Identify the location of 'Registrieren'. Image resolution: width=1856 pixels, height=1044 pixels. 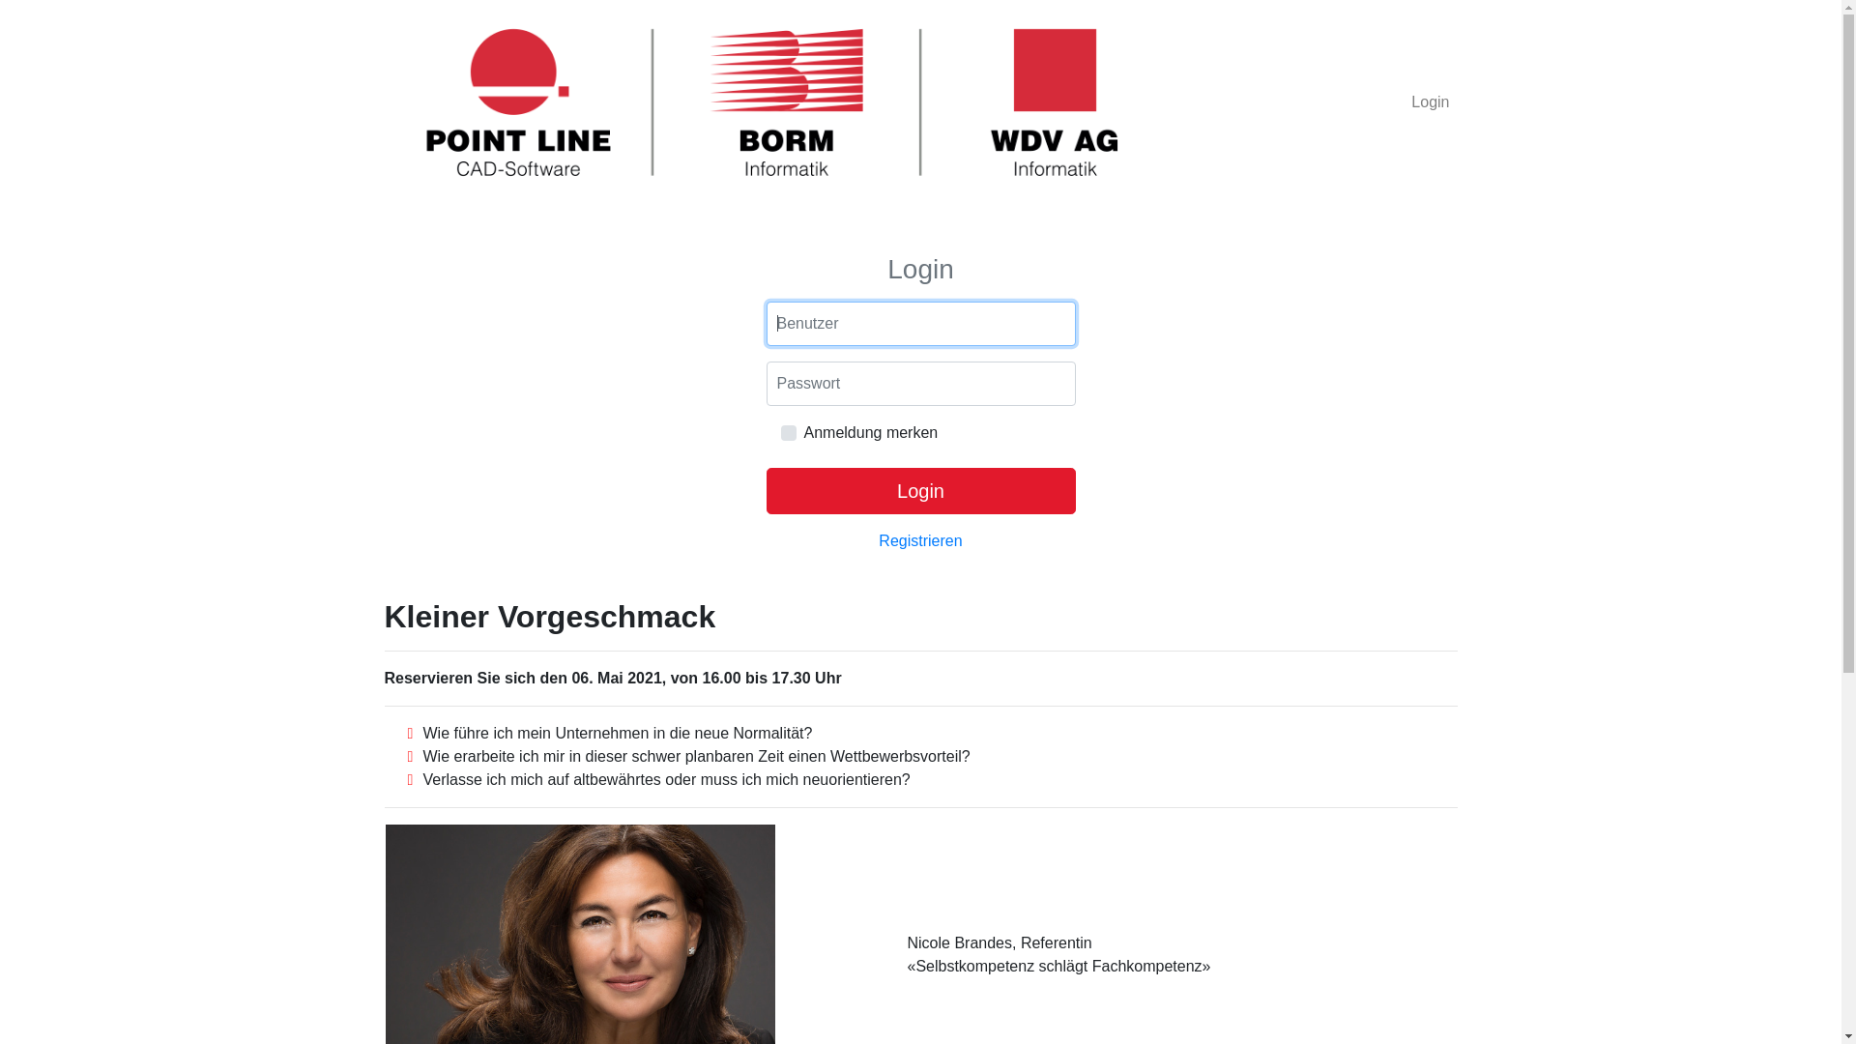
(877, 540).